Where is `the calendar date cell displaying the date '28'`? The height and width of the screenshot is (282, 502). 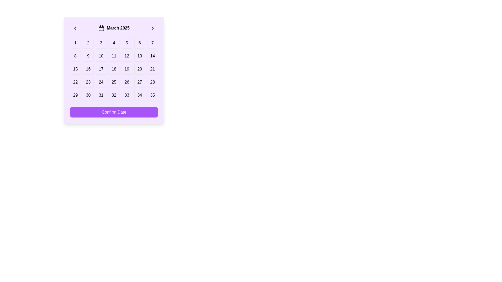 the calendar date cell displaying the date '28' is located at coordinates (152, 82).